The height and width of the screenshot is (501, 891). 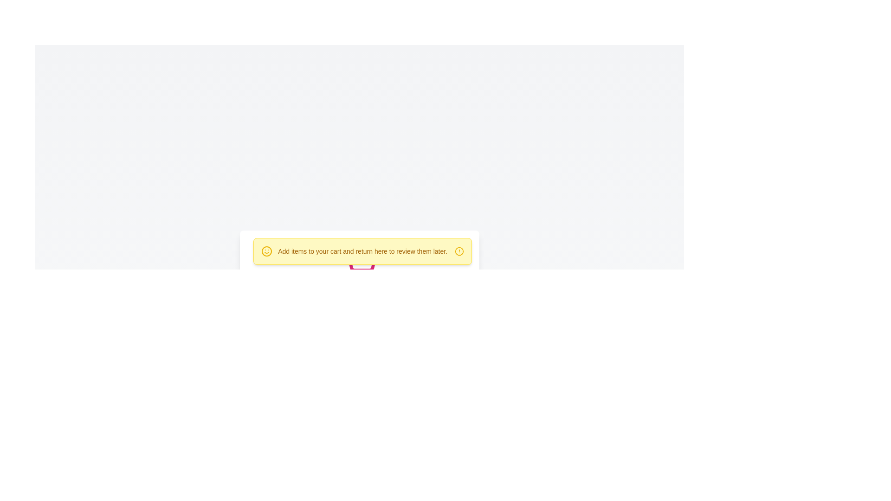 I want to click on the pink shopping cart icon, which is located centrally beneath a yellow banner with the text 'Add items to your cart and return here to review them later.', so click(x=359, y=264).